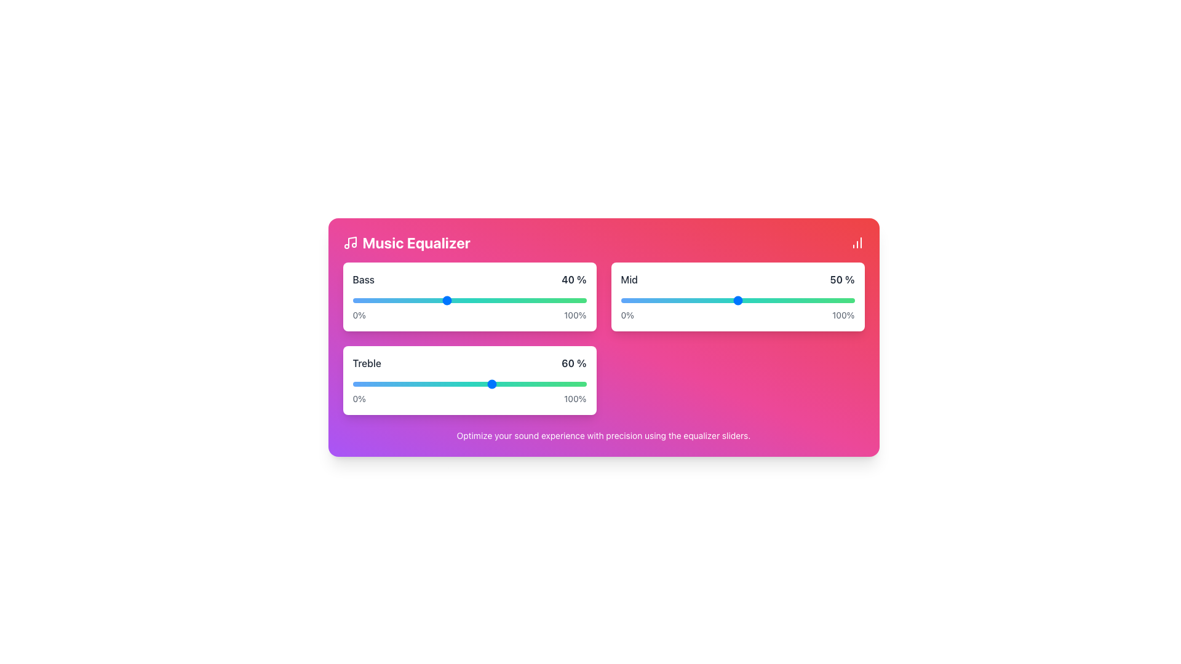 The image size is (1181, 664). What do you see at coordinates (831, 301) in the screenshot?
I see `the mid-level equalizer` at bounding box center [831, 301].